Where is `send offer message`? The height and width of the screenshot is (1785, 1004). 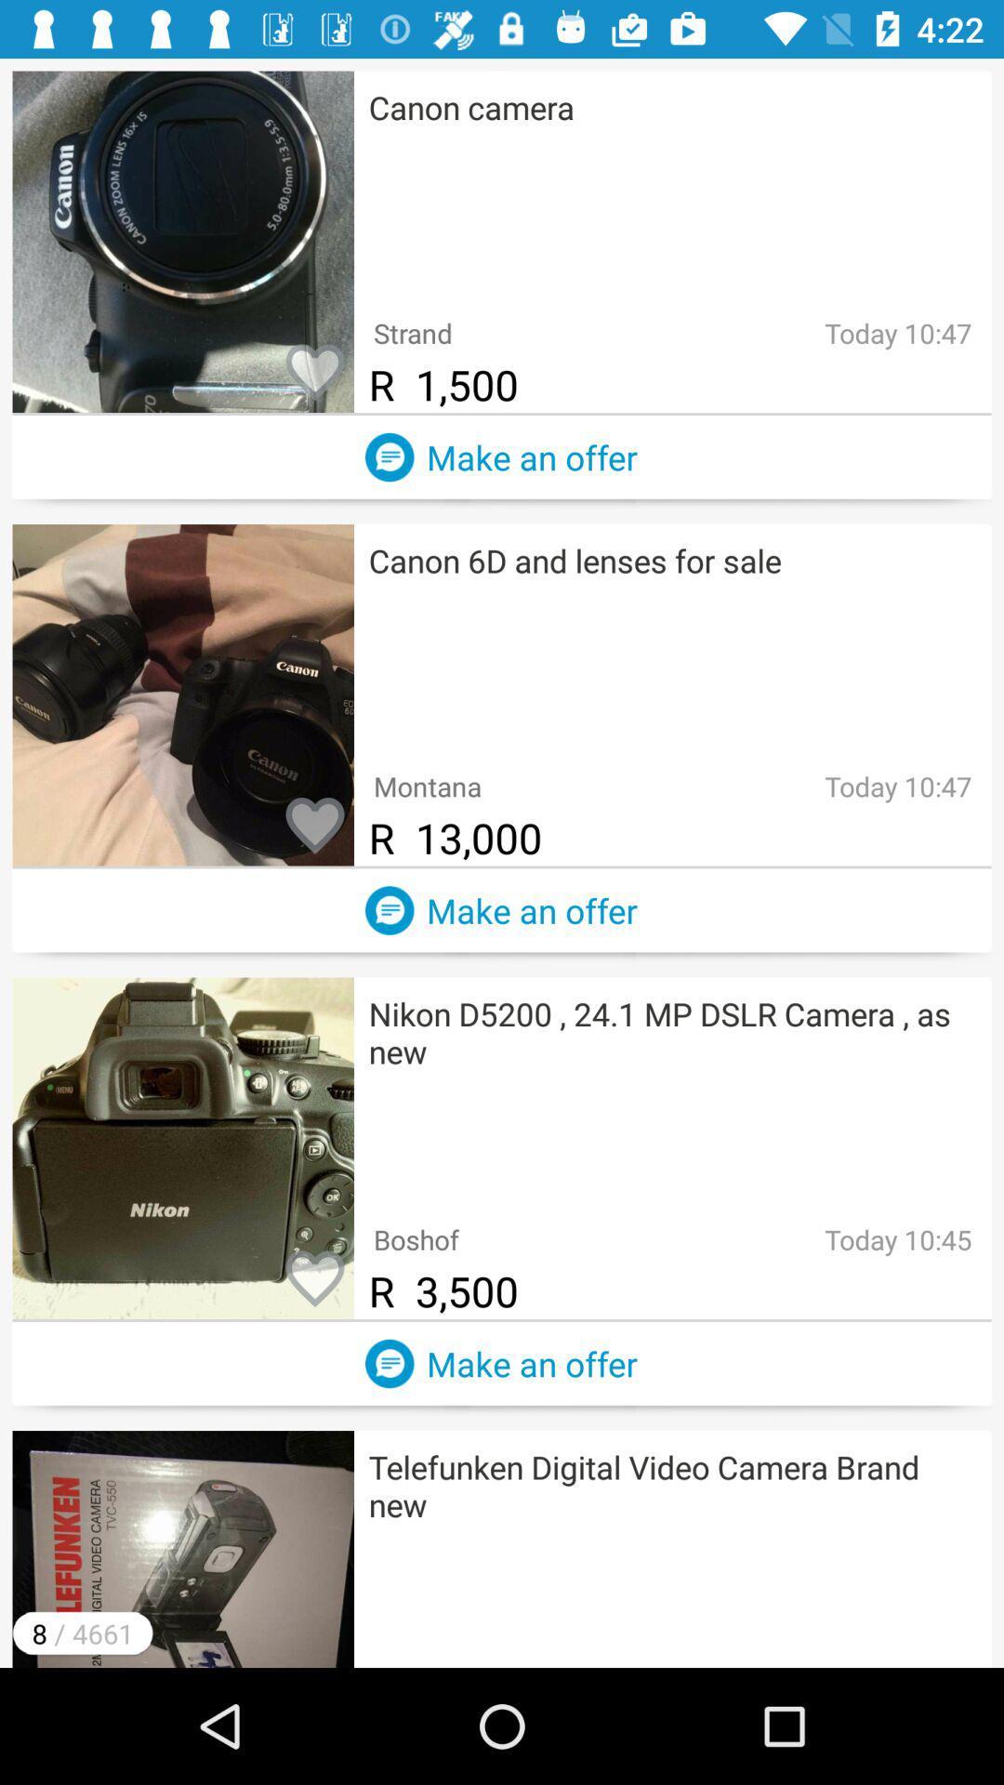 send offer message is located at coordinates (389, 910).